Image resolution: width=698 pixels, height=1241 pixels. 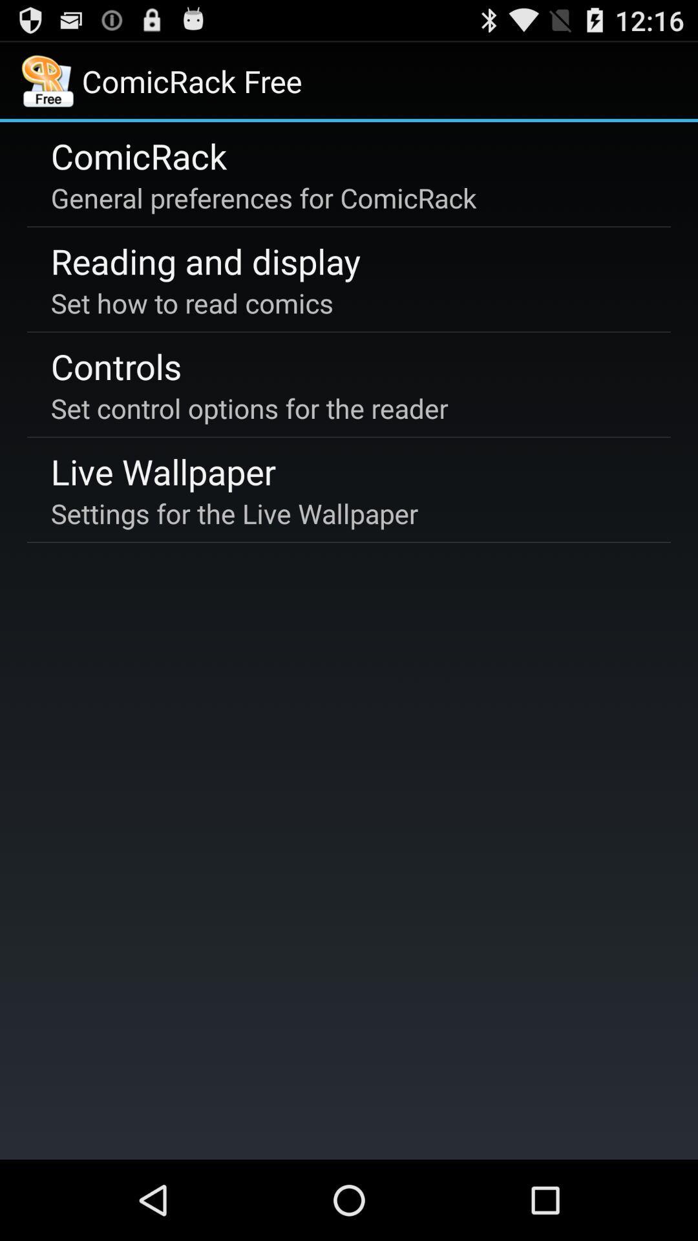 I want to click on the app above set how to item, so click(x=205, y=260).